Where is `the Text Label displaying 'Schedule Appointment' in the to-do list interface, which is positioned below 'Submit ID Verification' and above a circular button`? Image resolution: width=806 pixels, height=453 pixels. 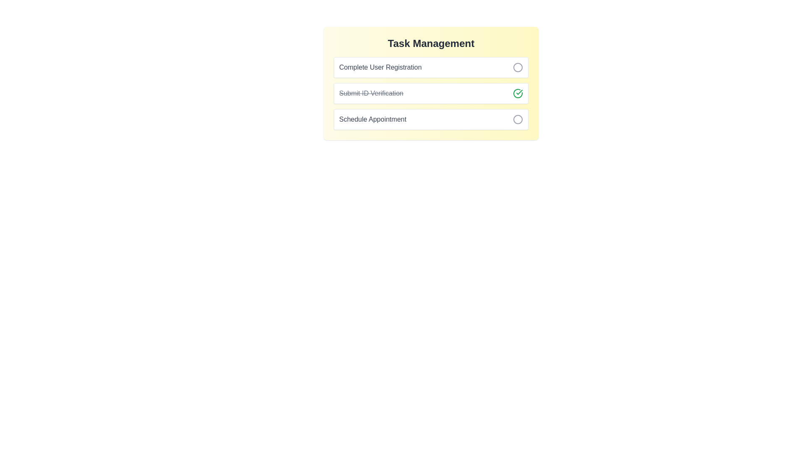
the Text Label displaying 'Schedule Appointment' in the to-do list interface, which is positioned below 'Submit ID Verification' and above a circular button is located at coordinates (372, 120).